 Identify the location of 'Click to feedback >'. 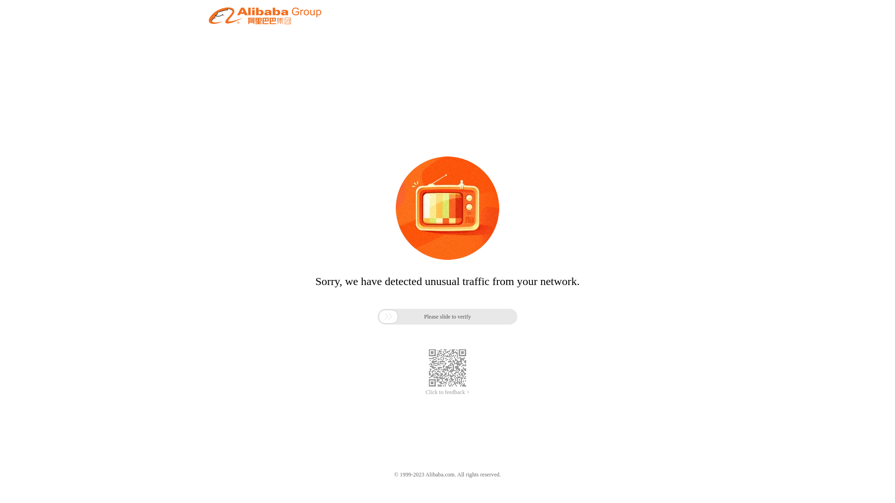
(447, 392).